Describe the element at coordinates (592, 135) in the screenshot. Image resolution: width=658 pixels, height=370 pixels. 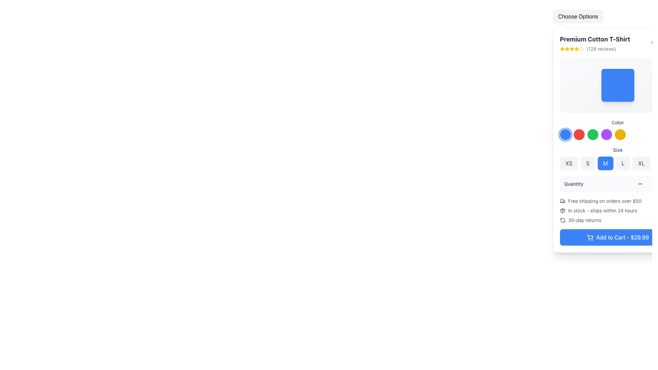
I see `the third circular color selection button for the green color variant located in the 'Color' section beneath the product image and title` at that location.